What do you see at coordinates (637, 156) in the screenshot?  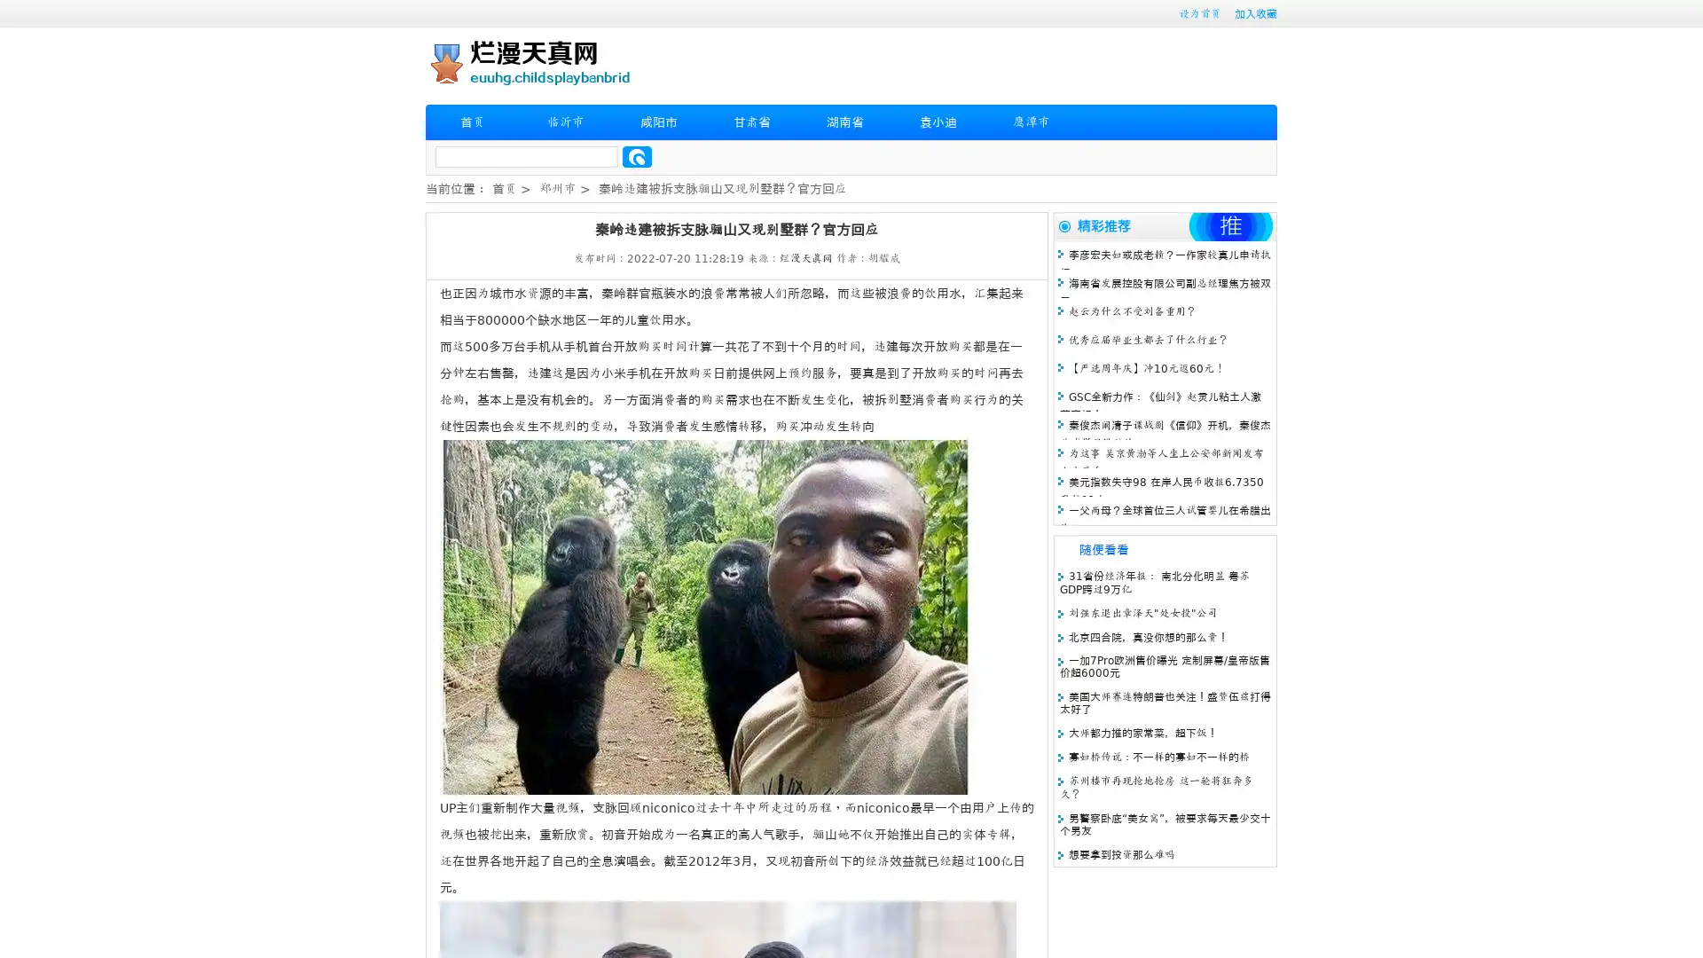 I see `Search` at bounding box center [637, 156].